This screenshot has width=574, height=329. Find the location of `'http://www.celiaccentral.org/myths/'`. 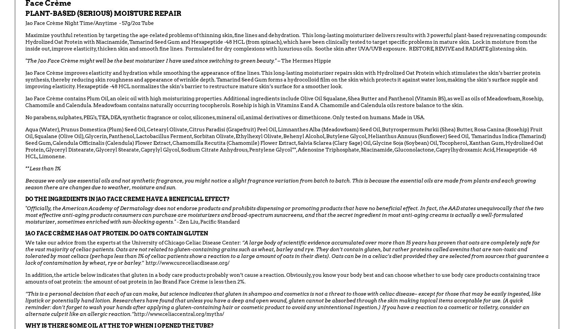

'http://www.celiaccentral.org/myths/' is located at coordinates (179, 313).